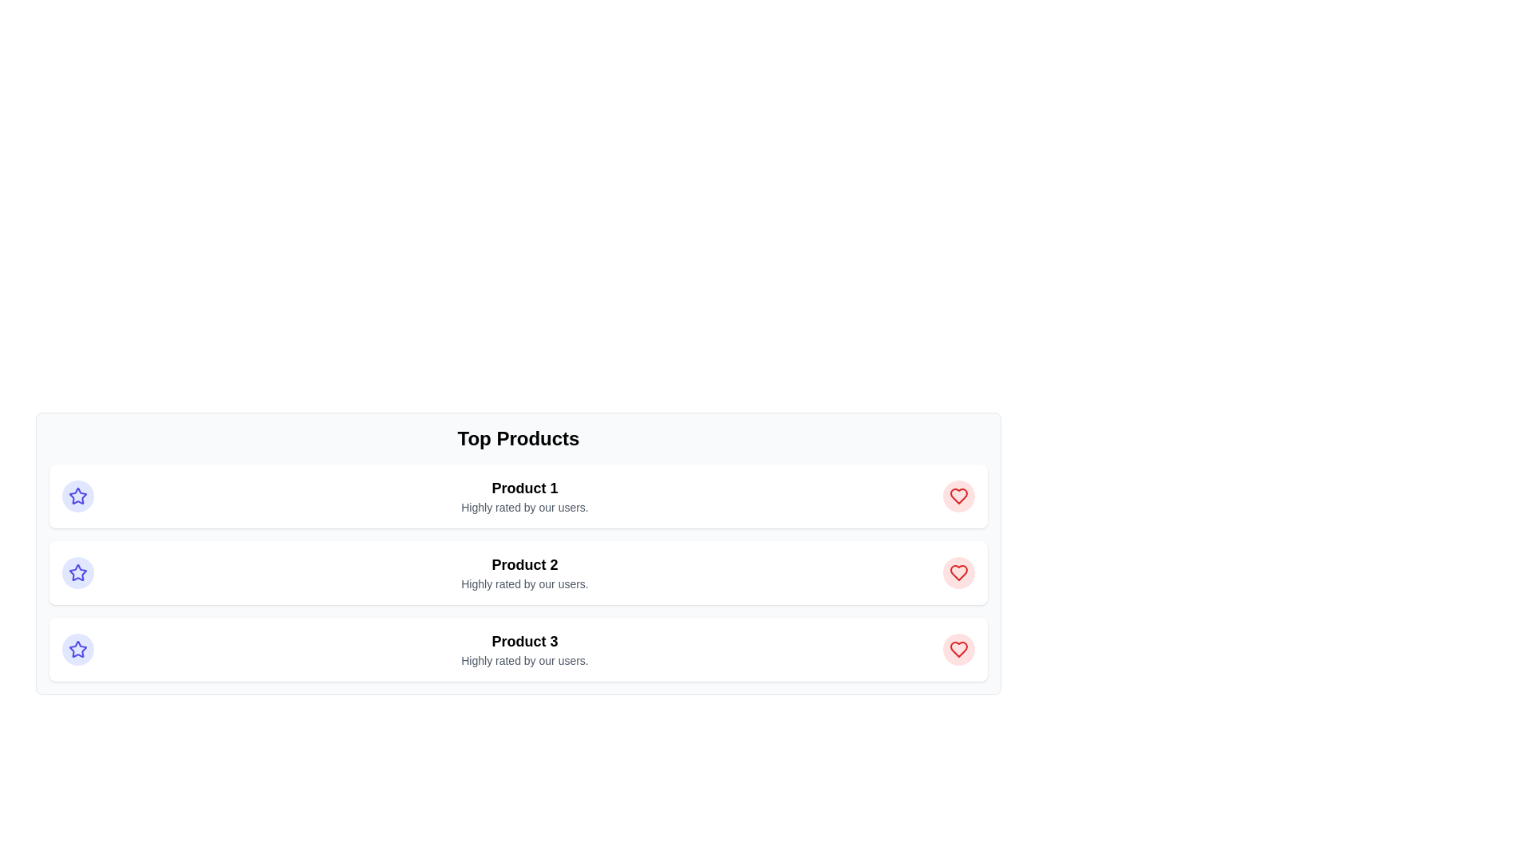 The height and width of the screenshot is (862, 1532). I want to click on the circular icon with a light indigo background and dark indigo star, located to the left of 'Product 2' text in the second row of the list, so click(77, 571).